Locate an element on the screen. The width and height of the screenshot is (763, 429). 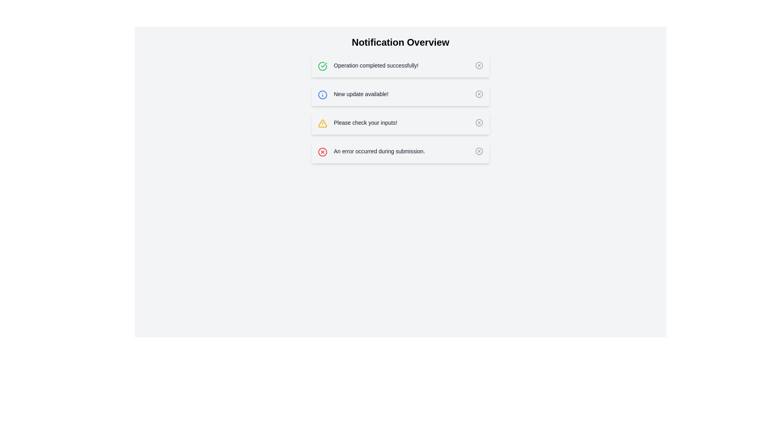
text label that displays 'An error occurred during submission.' This text is styled in a smaller font with medium weight and is positioned in the fourth notification box from the top, between a red circular icon and a close button is located at coordinates (379, 151).